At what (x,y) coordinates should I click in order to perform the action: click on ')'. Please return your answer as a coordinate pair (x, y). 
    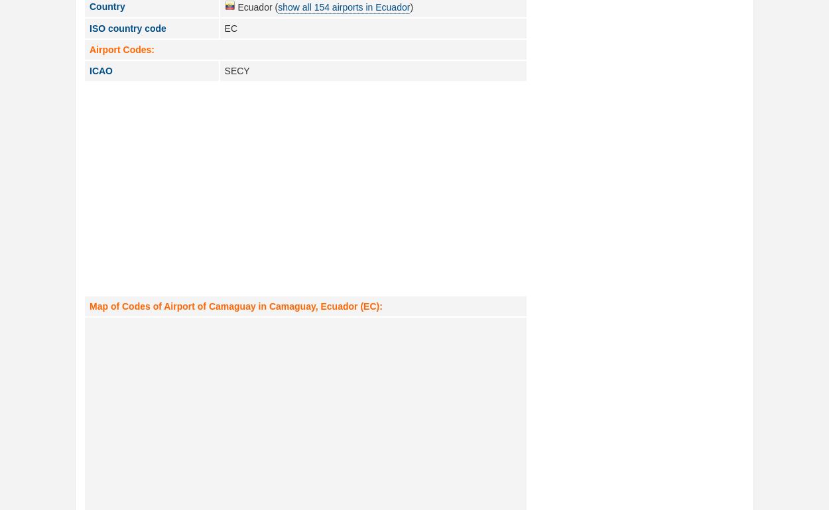
    Looking at the image, I should click on (411, 6).